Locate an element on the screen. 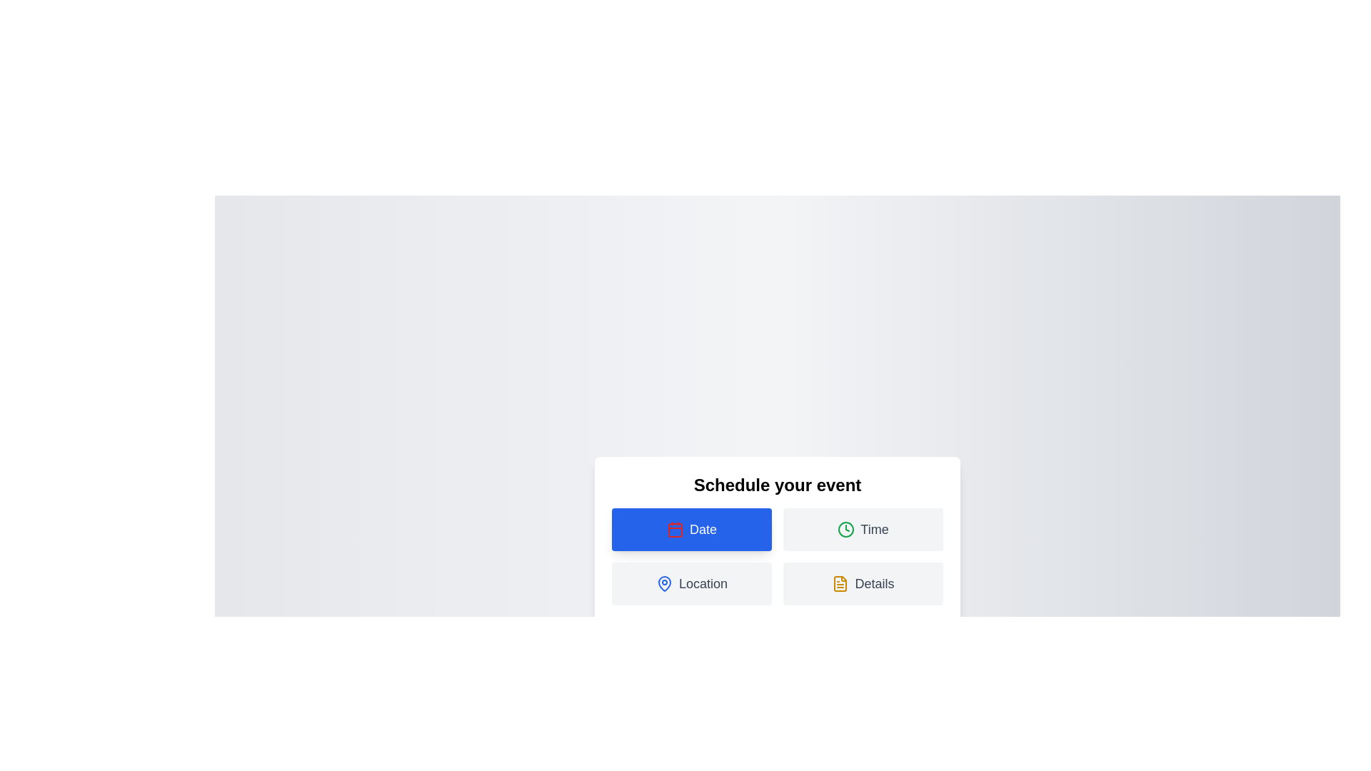  the button positioned as the top-left tile for selecting the 'Date' option, which triggers an action related to scheduling or selecting a date is located at coordinates (692, 529).